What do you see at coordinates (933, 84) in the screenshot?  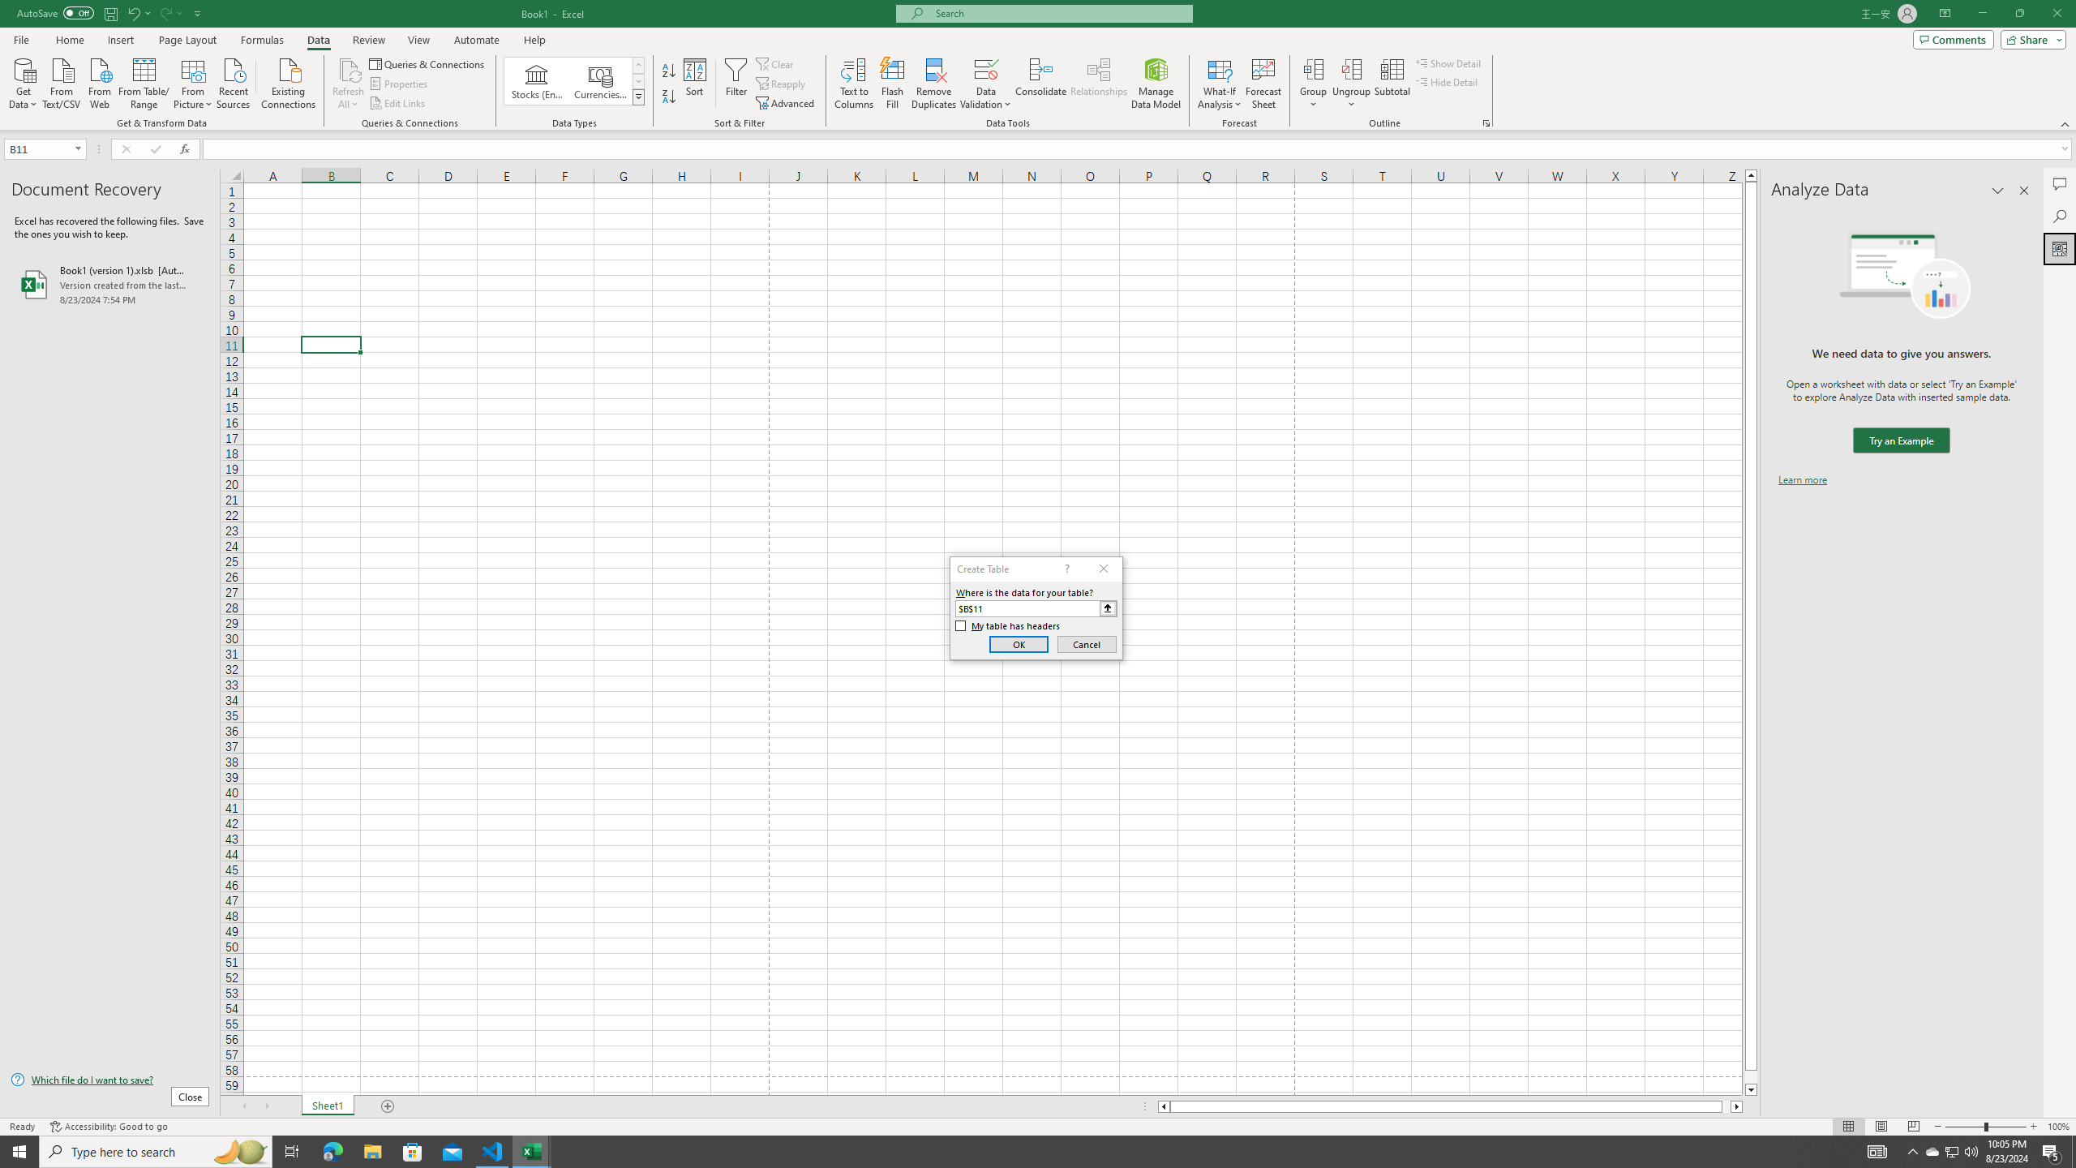 I see `'Remove Duplicates'` at bounding box center [933, 84].